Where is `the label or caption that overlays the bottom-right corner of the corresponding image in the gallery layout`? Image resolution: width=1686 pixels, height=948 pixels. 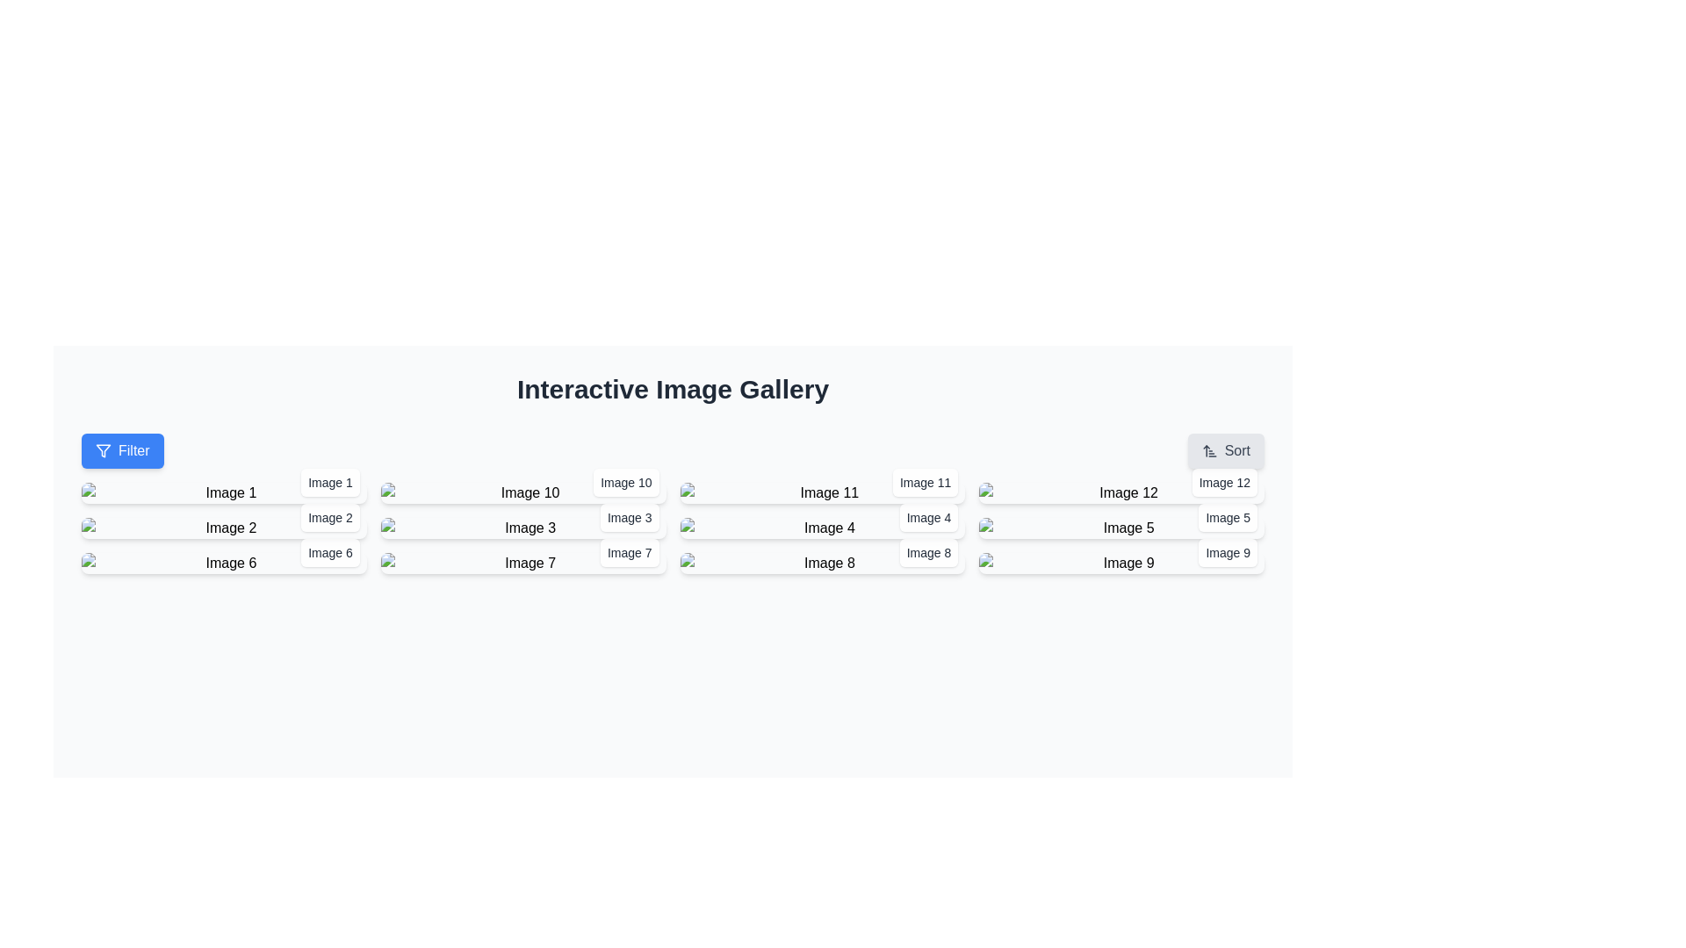
the label or caption that overlays the bottom-right corner of the corresponding image in the gallery layout is located at coordinates (925, 483).